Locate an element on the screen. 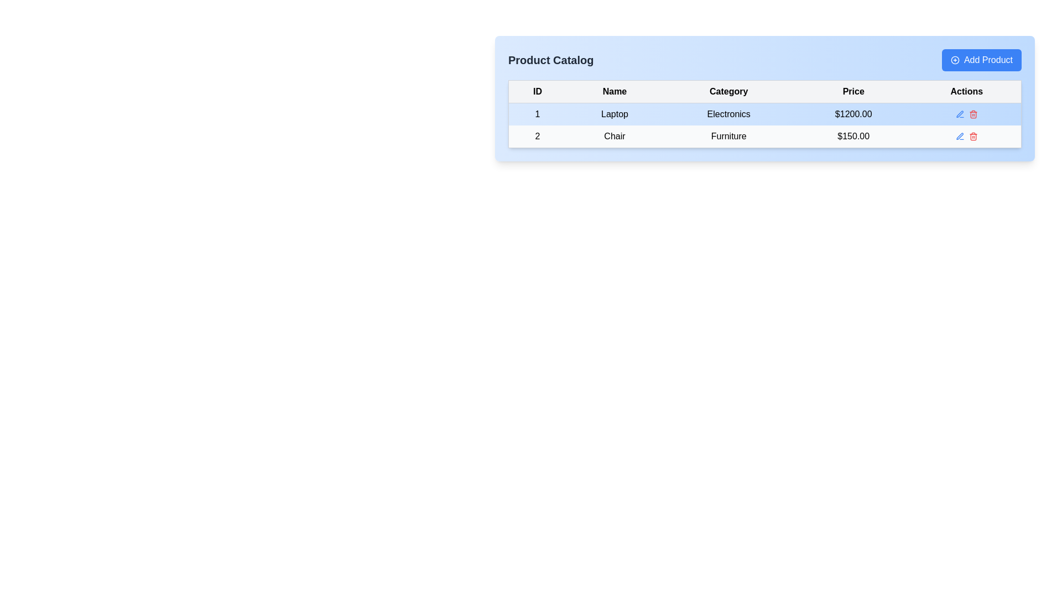 Image resolution: width=1062 pixels, height=597 pixels. the red trash bin icon button located in the 'Actions' column of the data table for accessibility purposes is located at coordinates (972, 135).